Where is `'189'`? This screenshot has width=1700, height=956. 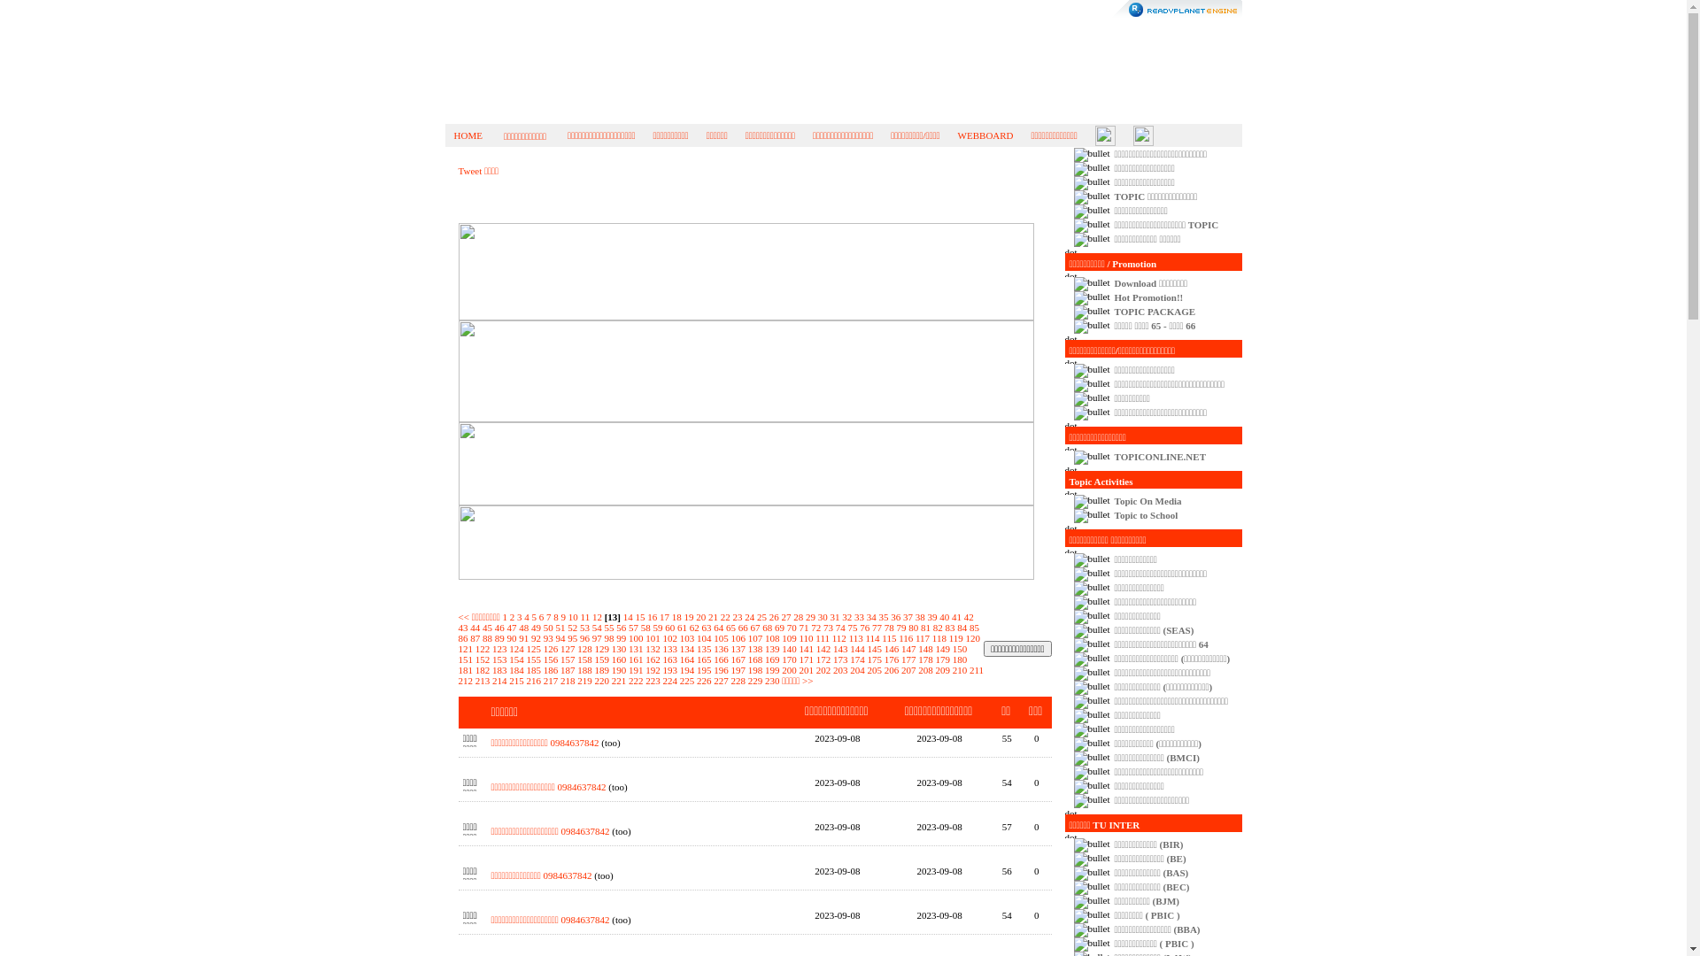
'189' is located at coordinates (602, 669).